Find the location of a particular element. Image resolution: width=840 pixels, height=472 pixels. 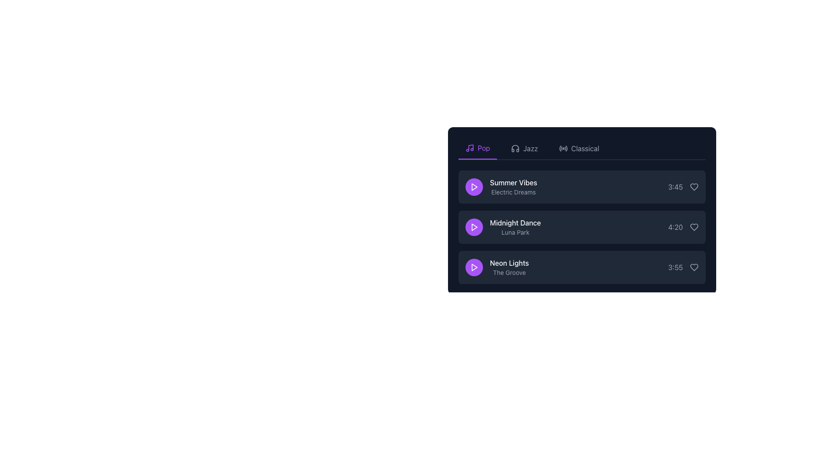

the time indicator text label located in the bottom-right corner of the 'Neon Lights - The Groove' row, adjacent to the heart icon is located at coordinates (683, 267).